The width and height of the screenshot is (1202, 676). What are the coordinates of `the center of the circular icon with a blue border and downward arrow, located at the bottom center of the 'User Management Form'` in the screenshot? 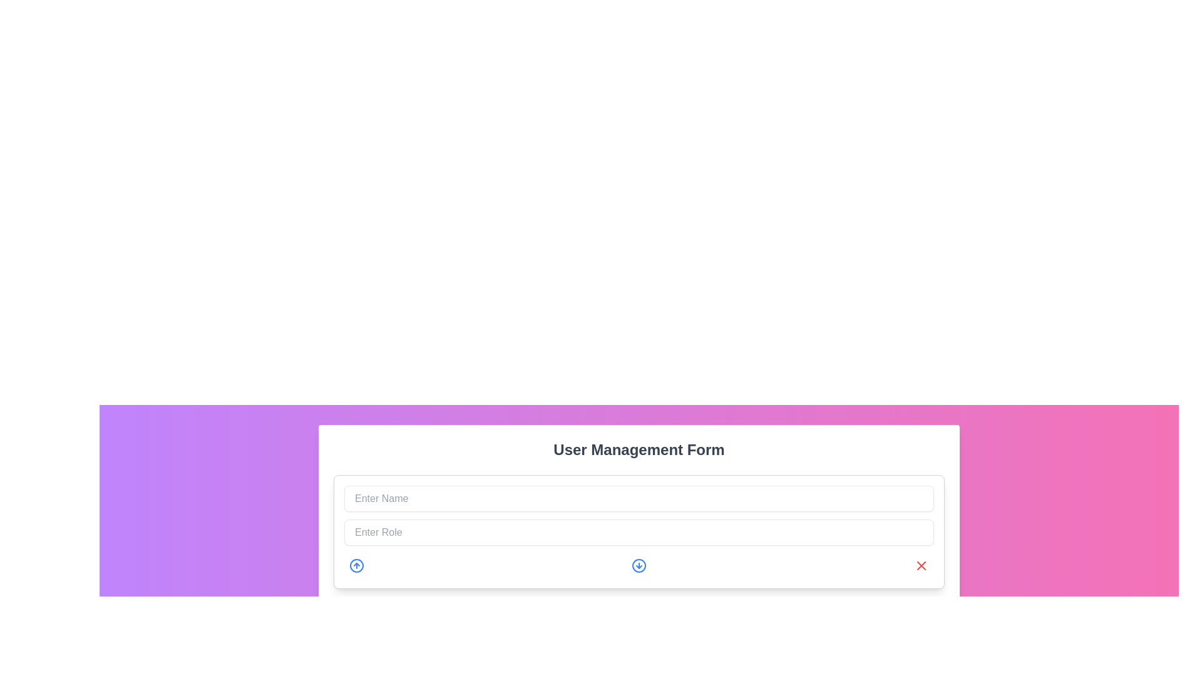 It's located at (639, 565).